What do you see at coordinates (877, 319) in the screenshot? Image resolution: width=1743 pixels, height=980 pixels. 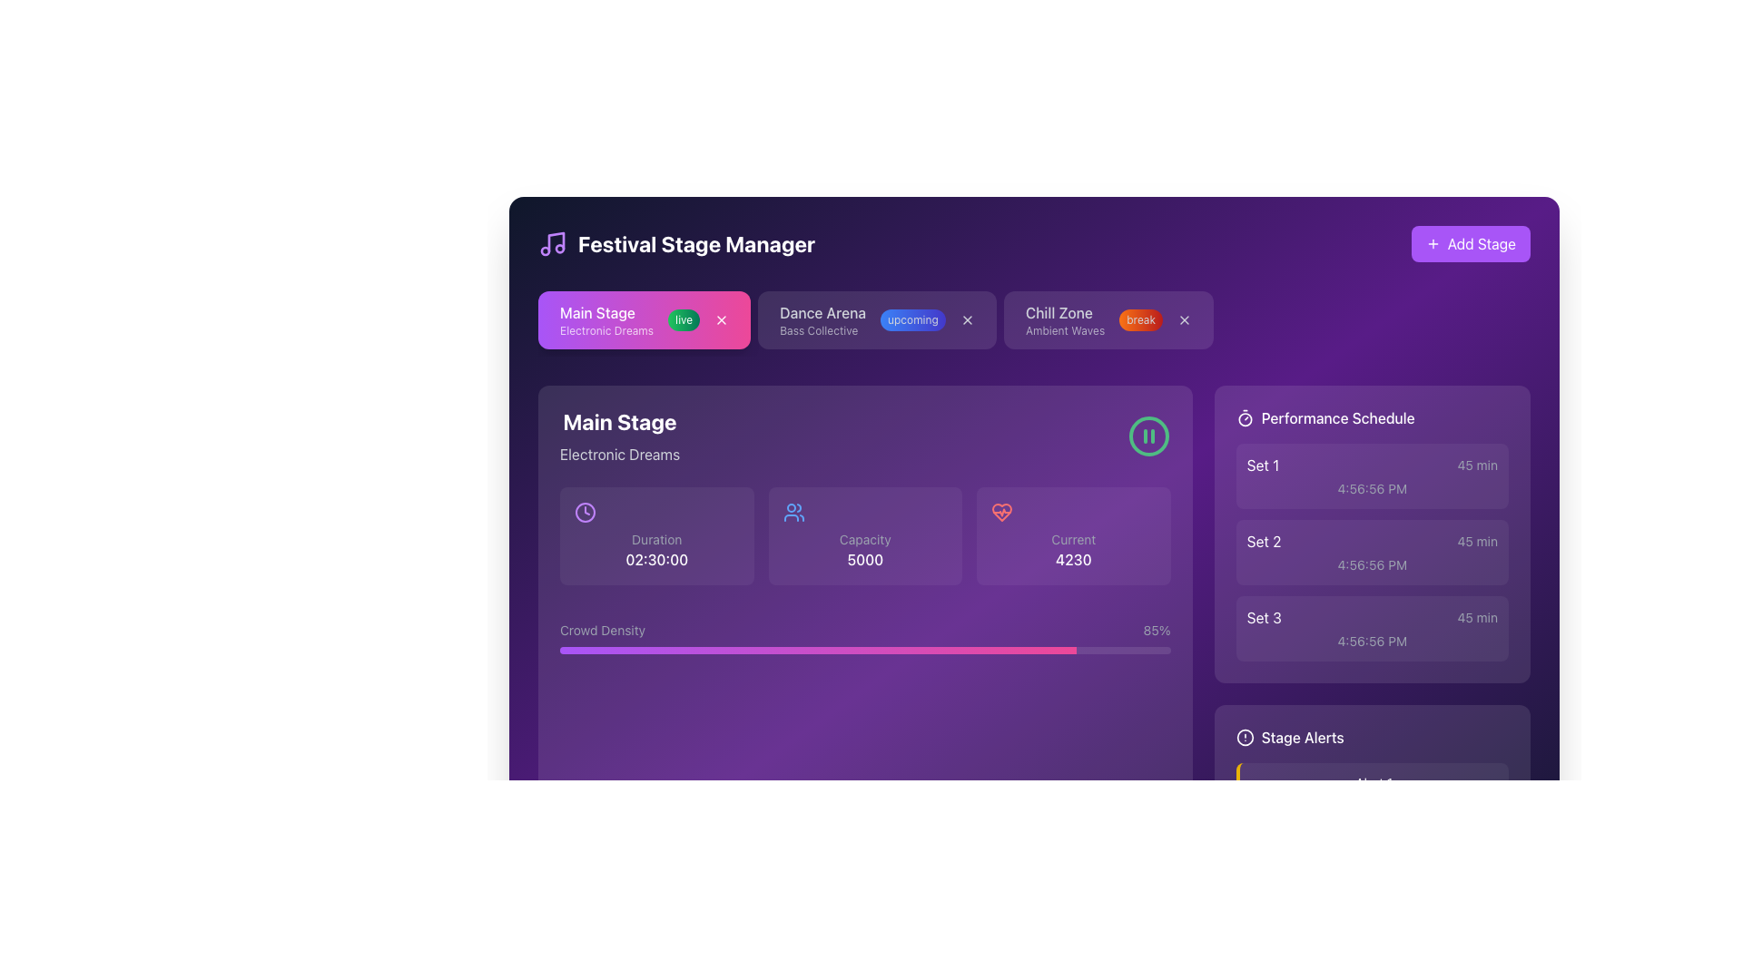 I see `the interactive button labeled 'Dance Arena' with a badge indicating 'upcoming'` at bounding box center [877, 319].